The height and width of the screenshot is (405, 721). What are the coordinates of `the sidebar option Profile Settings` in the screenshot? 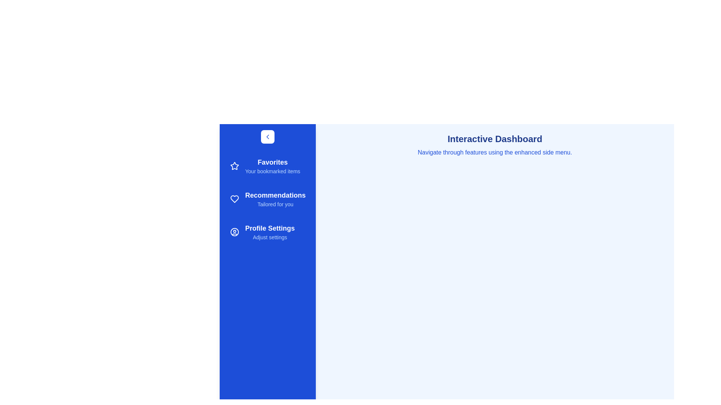 It's located at (268, 231).